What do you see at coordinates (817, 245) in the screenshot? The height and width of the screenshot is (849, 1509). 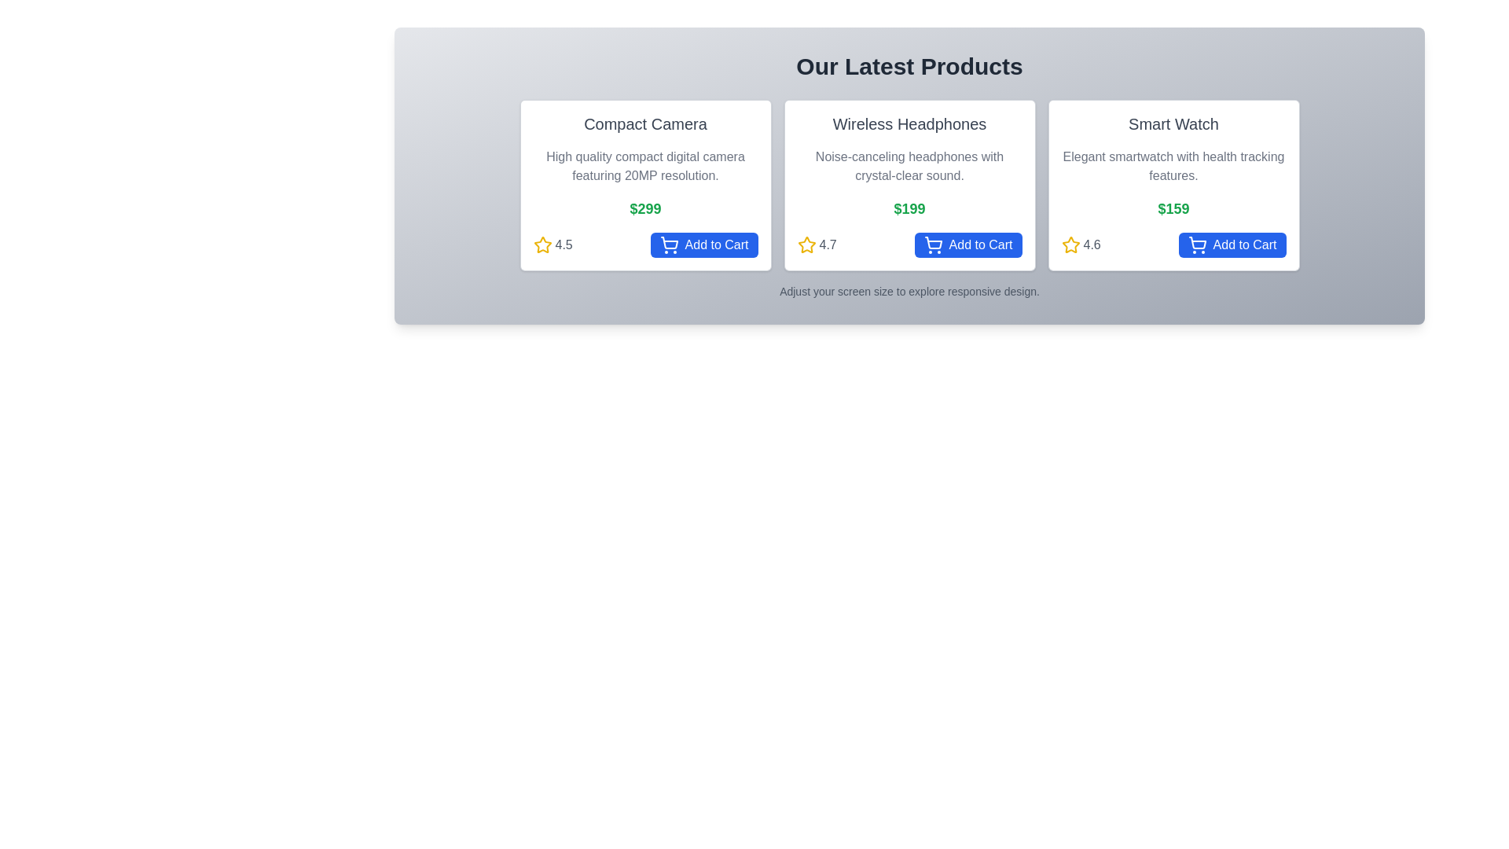 I see `the rating display showing '4.7' next to a yellow star icon, located under the product title 'Wireless Headphones'` at bounding box center [817, 245].